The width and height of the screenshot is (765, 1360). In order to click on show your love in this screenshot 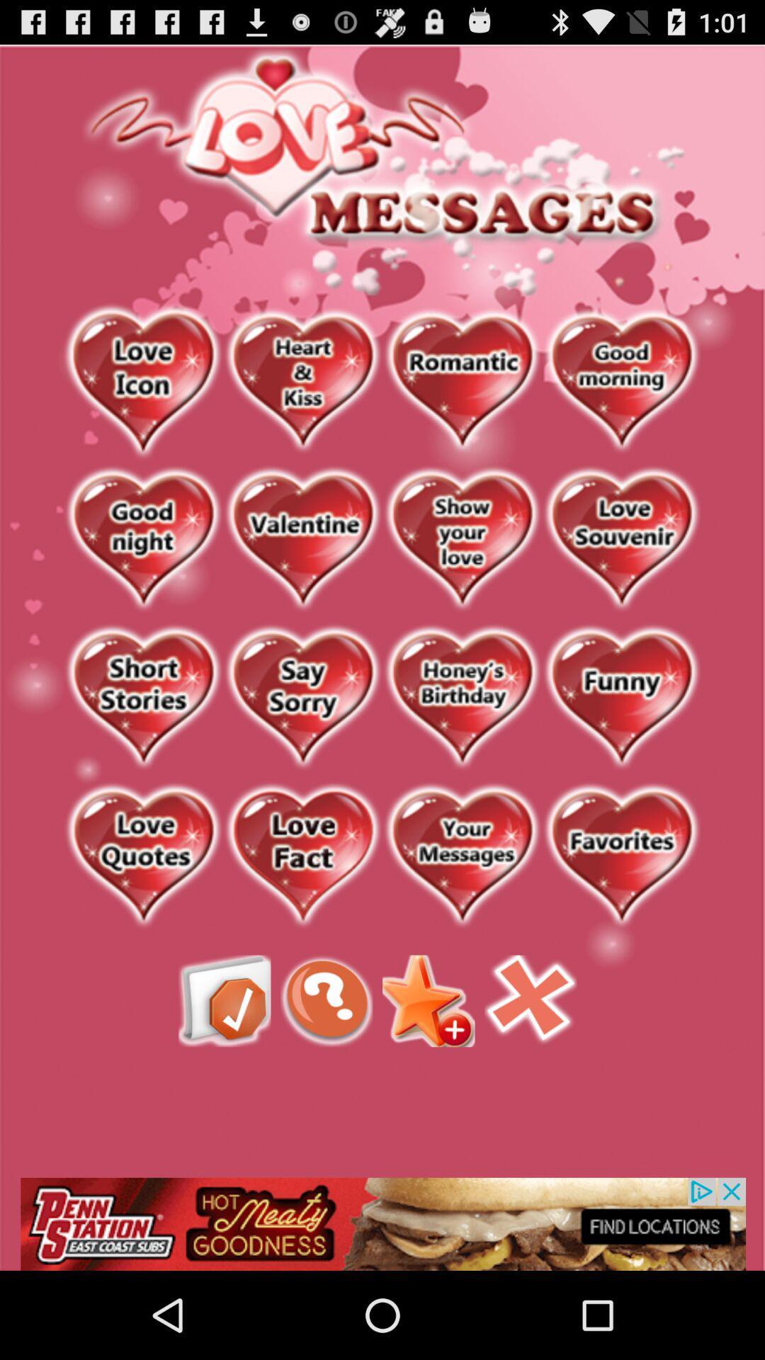, I will do `click(462, 539)`.